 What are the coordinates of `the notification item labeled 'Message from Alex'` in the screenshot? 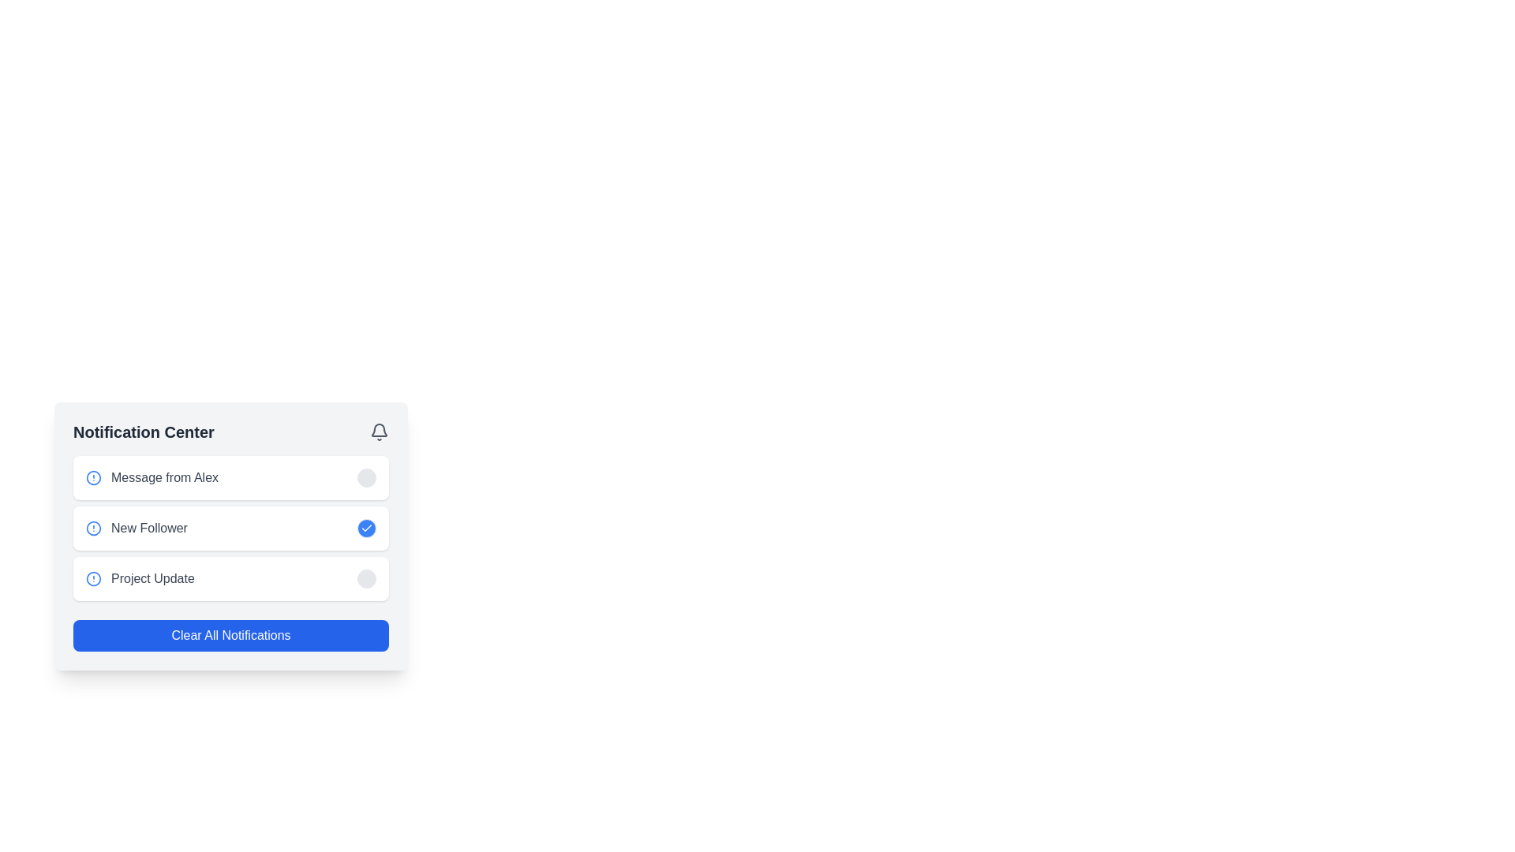 It's located at (151, 476).